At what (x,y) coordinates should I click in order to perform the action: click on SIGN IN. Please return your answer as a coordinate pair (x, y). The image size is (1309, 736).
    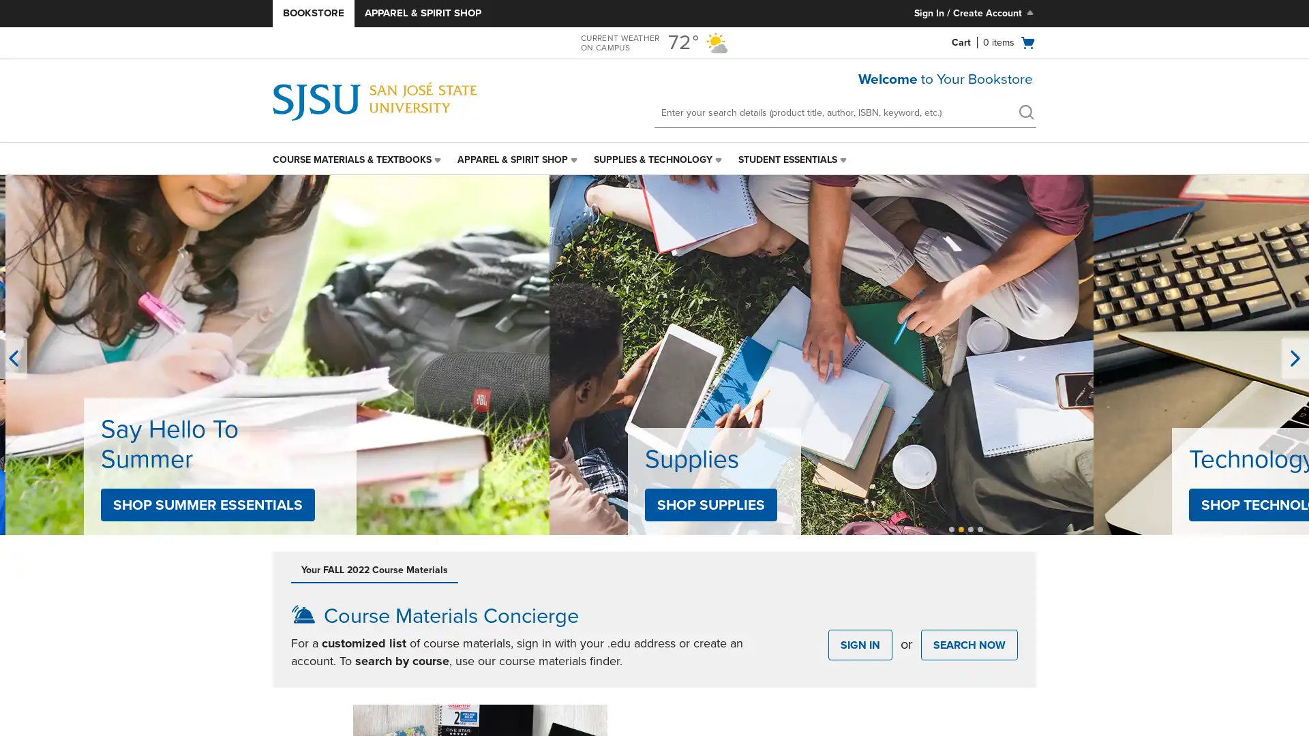
    Looking at the image, I should click on (860, 644).